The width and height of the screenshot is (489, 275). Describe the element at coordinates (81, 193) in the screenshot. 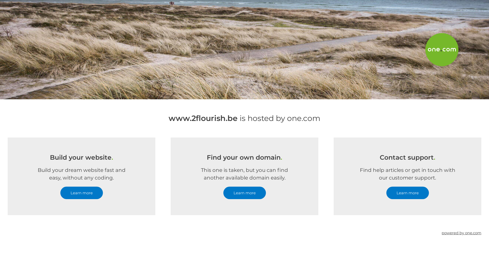

I see `'Learn more'` at that location.